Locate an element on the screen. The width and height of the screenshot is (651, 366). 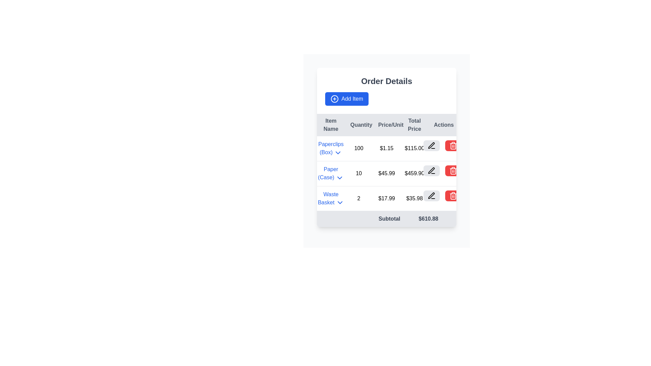
the static text display showing the quantity of 'Paperclips (Box)', which is located in the second column of the first row within the 'Order Details' section is located at coordinates (358, 148).